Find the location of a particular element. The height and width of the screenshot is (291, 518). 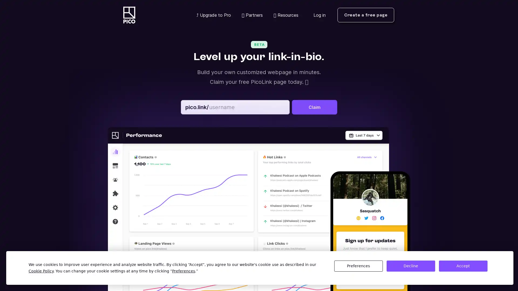

Accept is located at coordinates (463, 266).